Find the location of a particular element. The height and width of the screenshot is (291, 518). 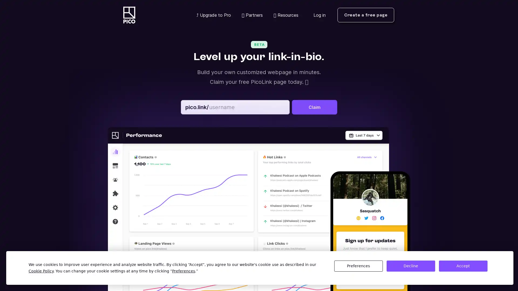

Accept is located at coordinates (463, 266).